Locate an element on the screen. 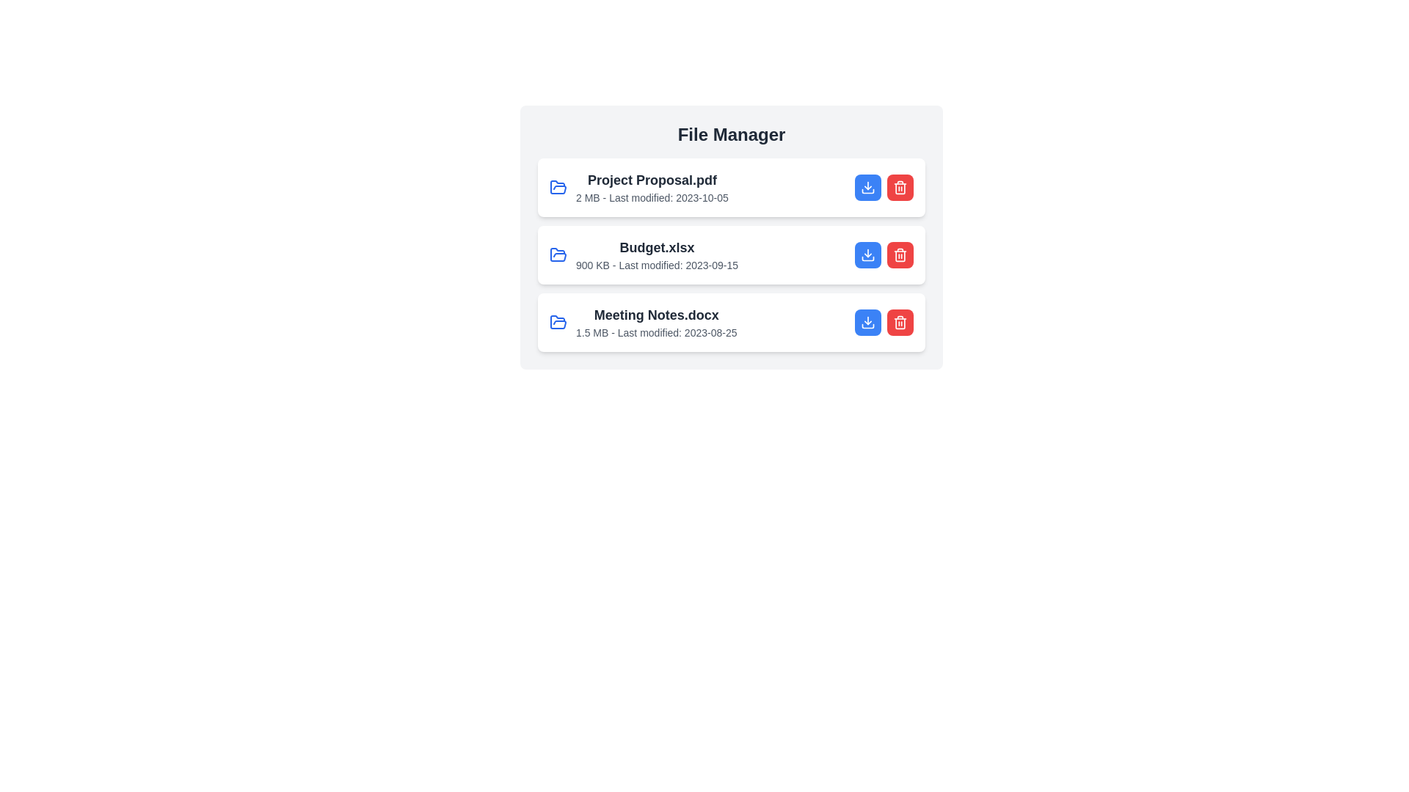  the file Meeting Notes.docx by clicking its corresponding delete button is located at coordinates (900, 321).